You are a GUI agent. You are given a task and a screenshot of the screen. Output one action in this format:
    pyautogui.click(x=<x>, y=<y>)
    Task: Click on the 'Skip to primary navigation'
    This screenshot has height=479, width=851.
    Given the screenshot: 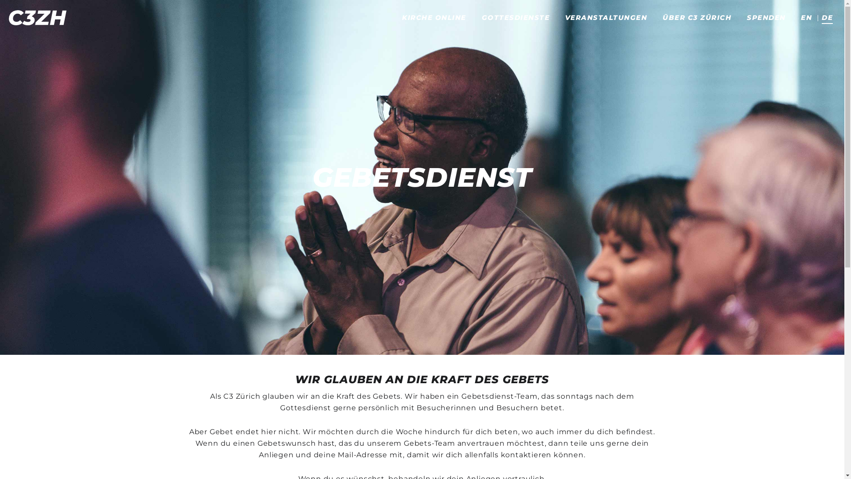 What is the action you would take?
    pyautogui.click(x=0, y=0)
    